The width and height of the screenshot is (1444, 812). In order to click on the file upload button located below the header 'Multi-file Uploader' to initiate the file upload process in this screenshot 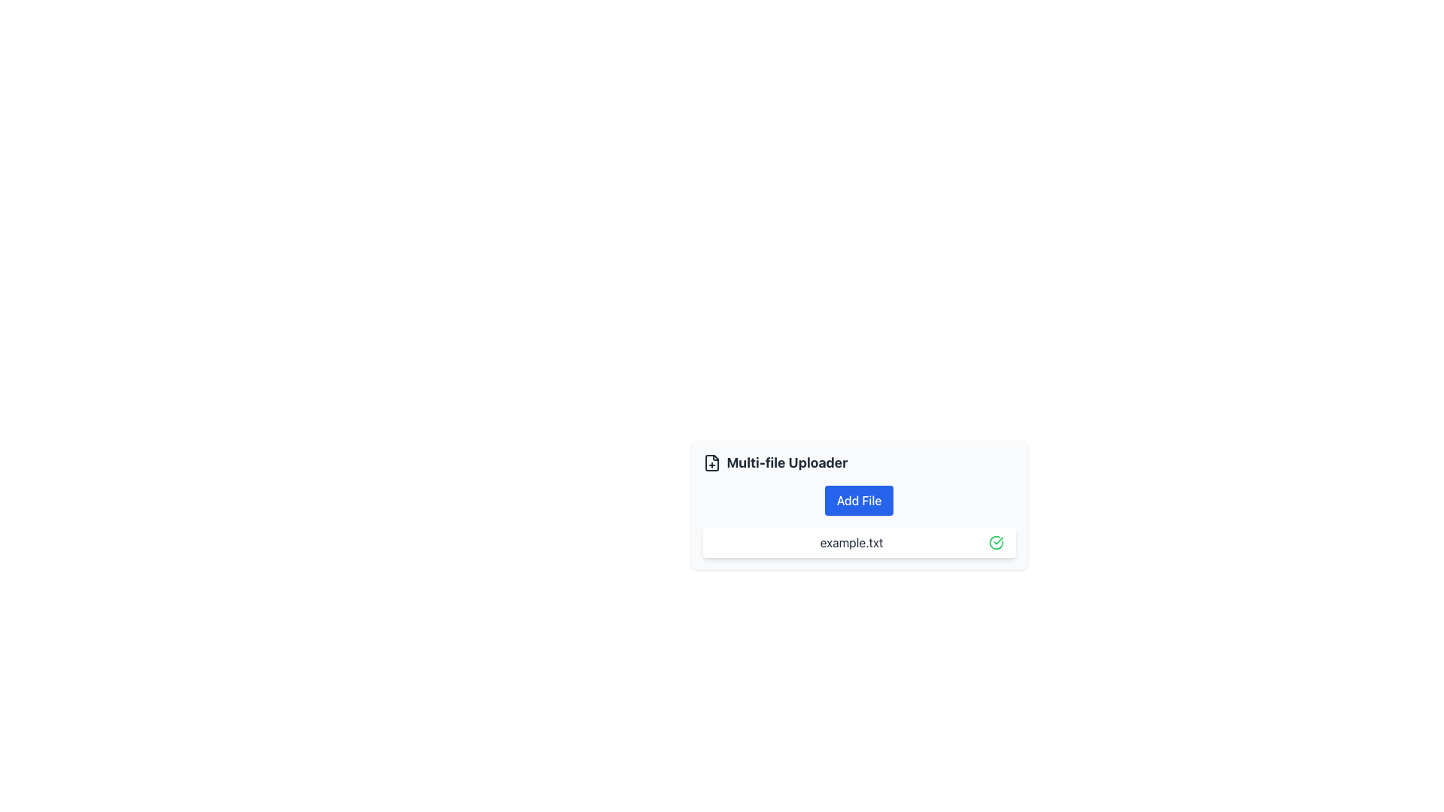, I will do `click(859, 504)`.